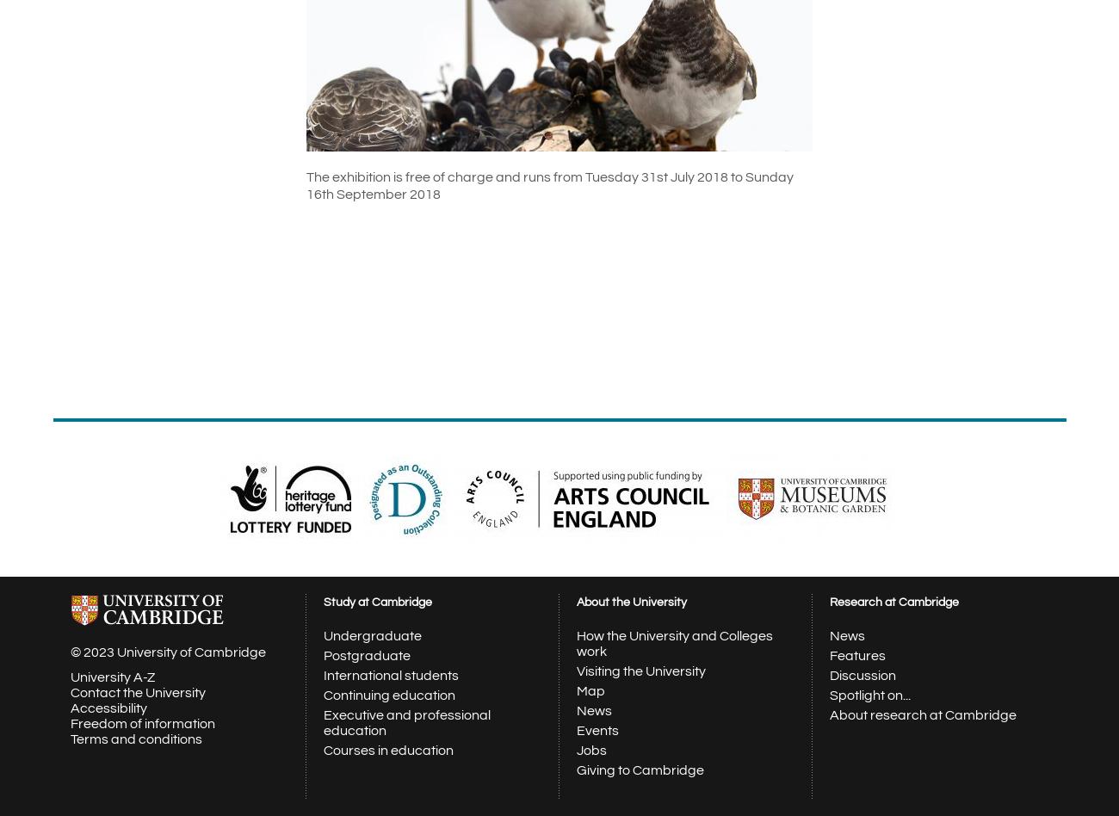 This screenshot has height=816, width=1119. I want to click on 'About the University', so click(576, 602).